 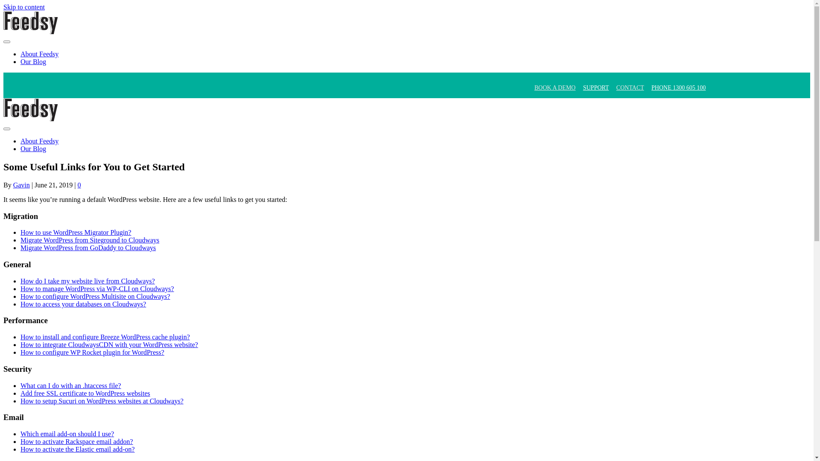 What do you see at coordinates (76, 441) in the screenshot?
I see `'How to activate Rackspace email addon?'` at bounding box center [76, 441].